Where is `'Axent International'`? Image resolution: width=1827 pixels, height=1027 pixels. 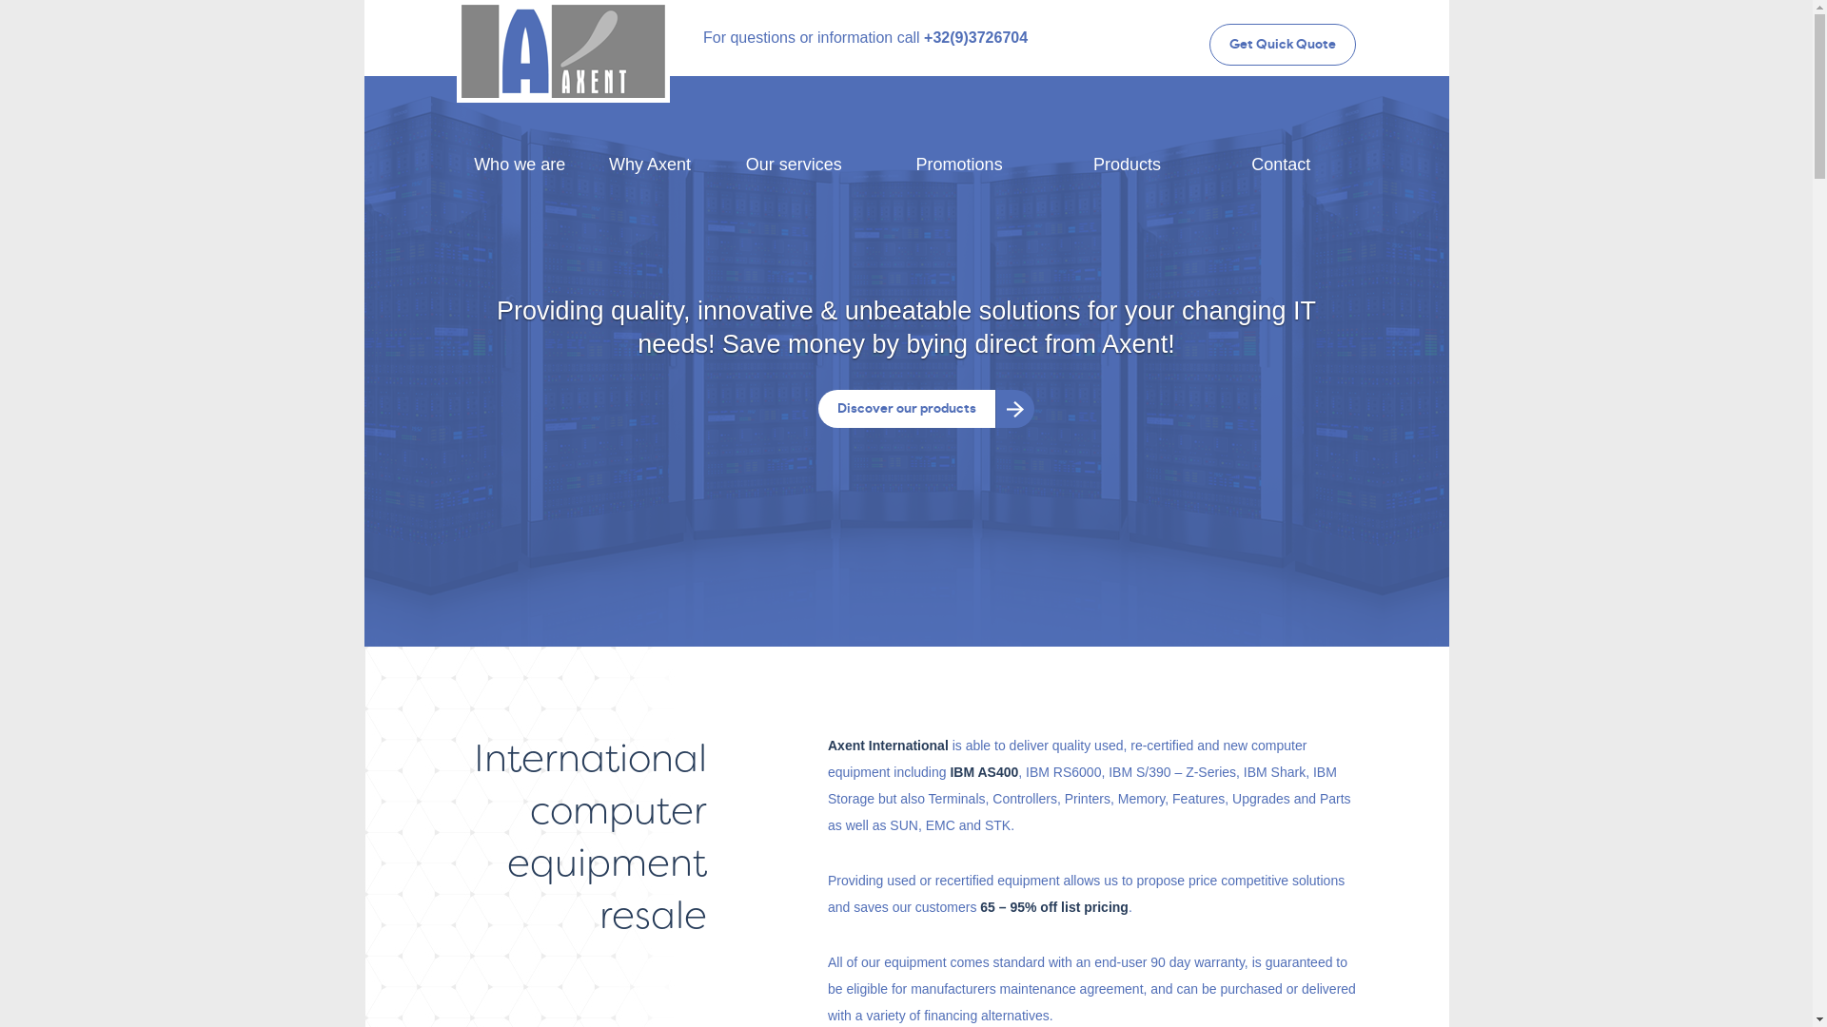 'Axent International' is located at coordinates (561, 23).